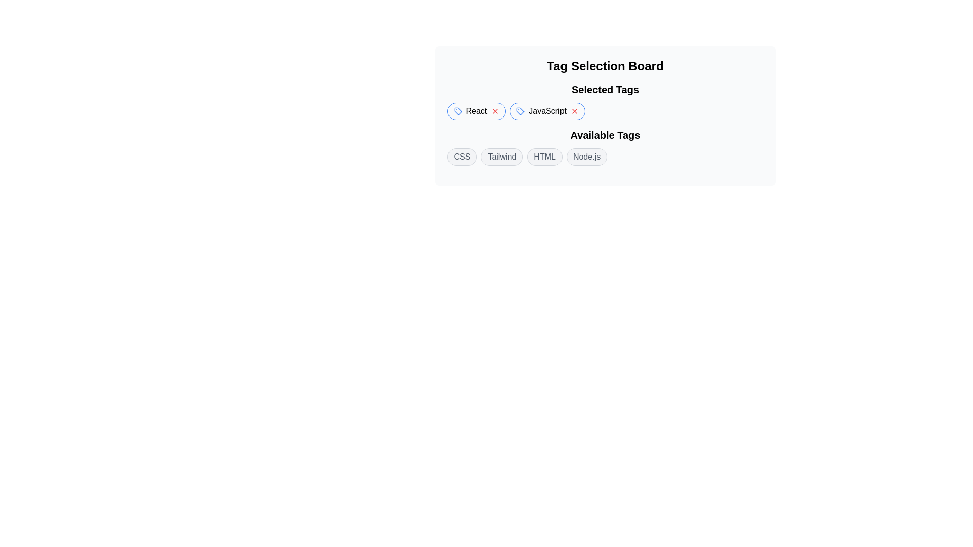  Describe the element at coordinates (502, 157) in the screenshot. I see `the selectable tag button for 'Tailwind' located between 'CSS' and 'HTML' in the 'Available Tags' section to trigger its hover state visual effects` at that location.